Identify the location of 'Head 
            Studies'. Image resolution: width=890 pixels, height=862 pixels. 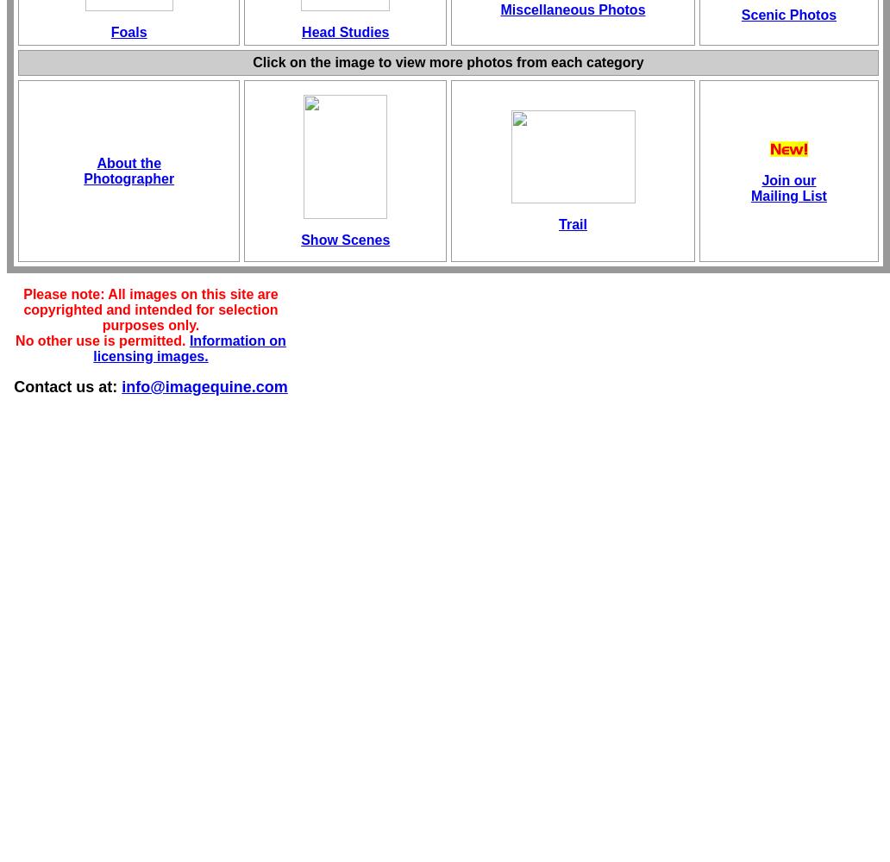
(344, 32).